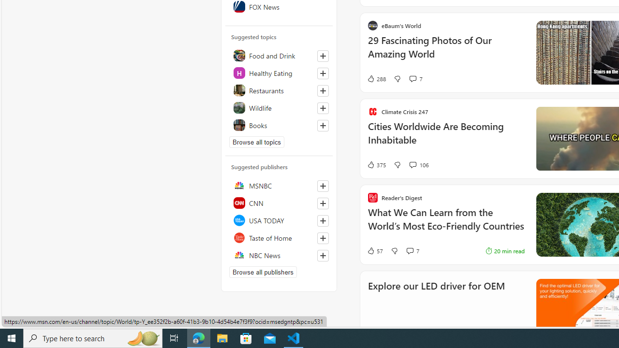 Image resolution: width=619 pixels, height=348 pixels. Describe the element at coordinates (323, 255) in the screenshot. I see `'Follow this source'` at that location.